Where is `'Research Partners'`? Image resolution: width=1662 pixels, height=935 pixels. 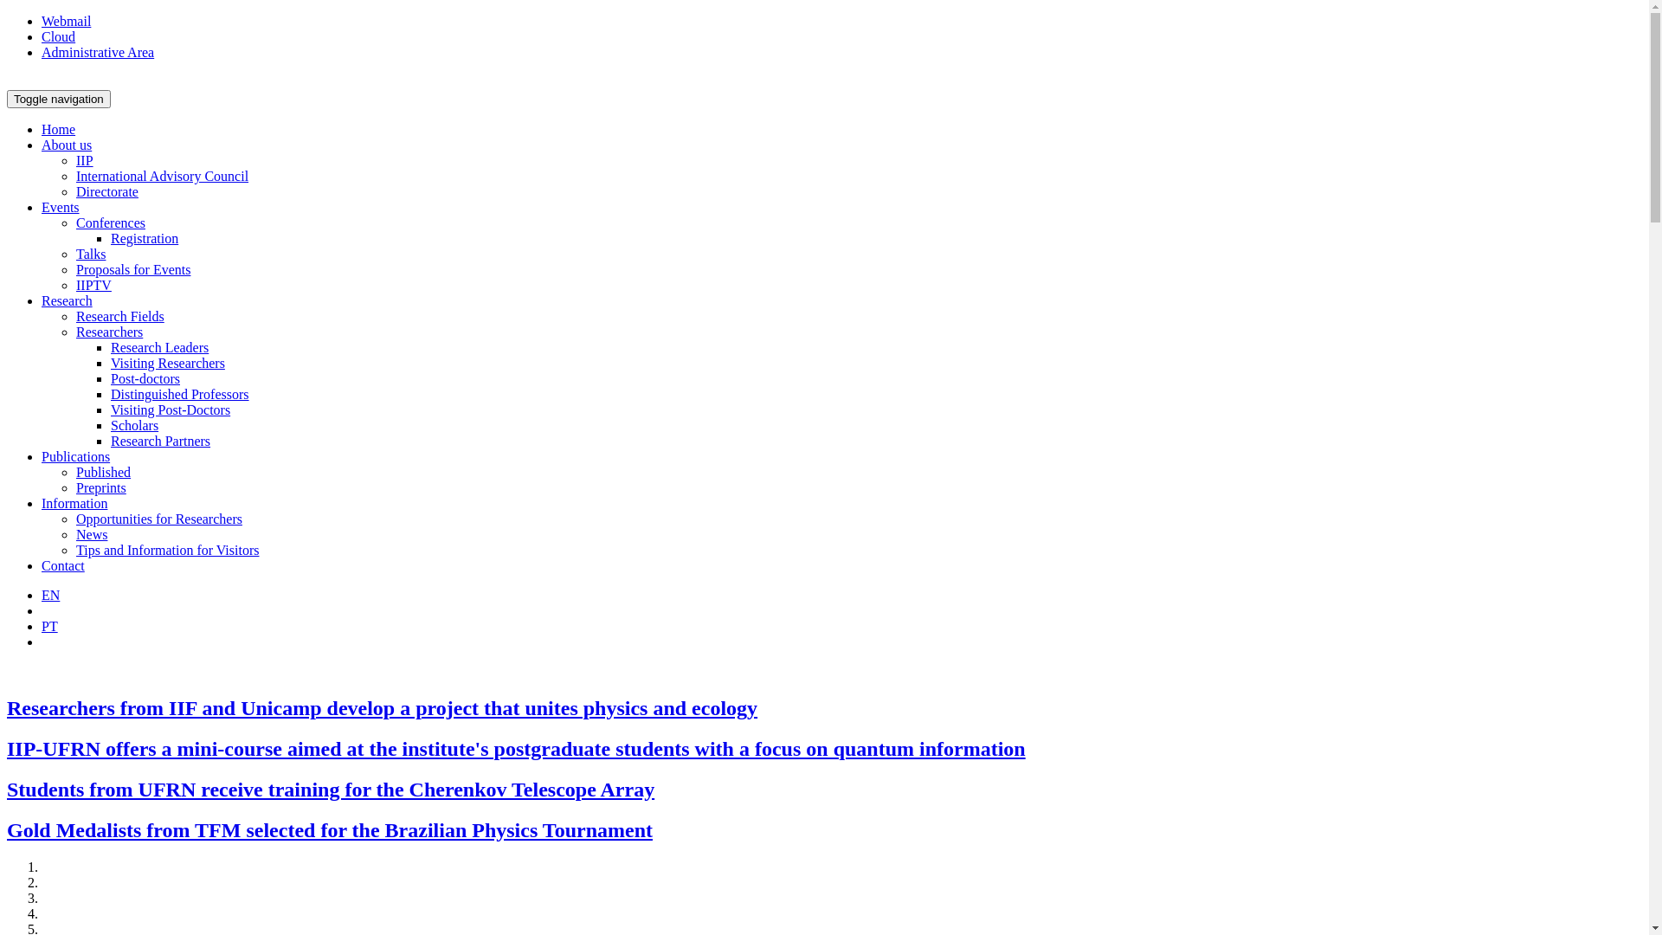
'Research Partners' is located at coordinates (160, 440).